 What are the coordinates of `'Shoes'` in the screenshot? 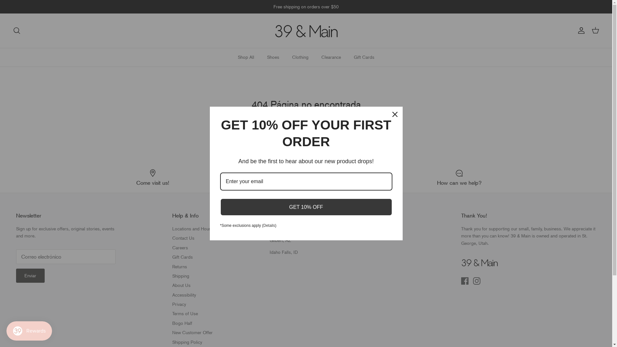 It's located at (273, 57).